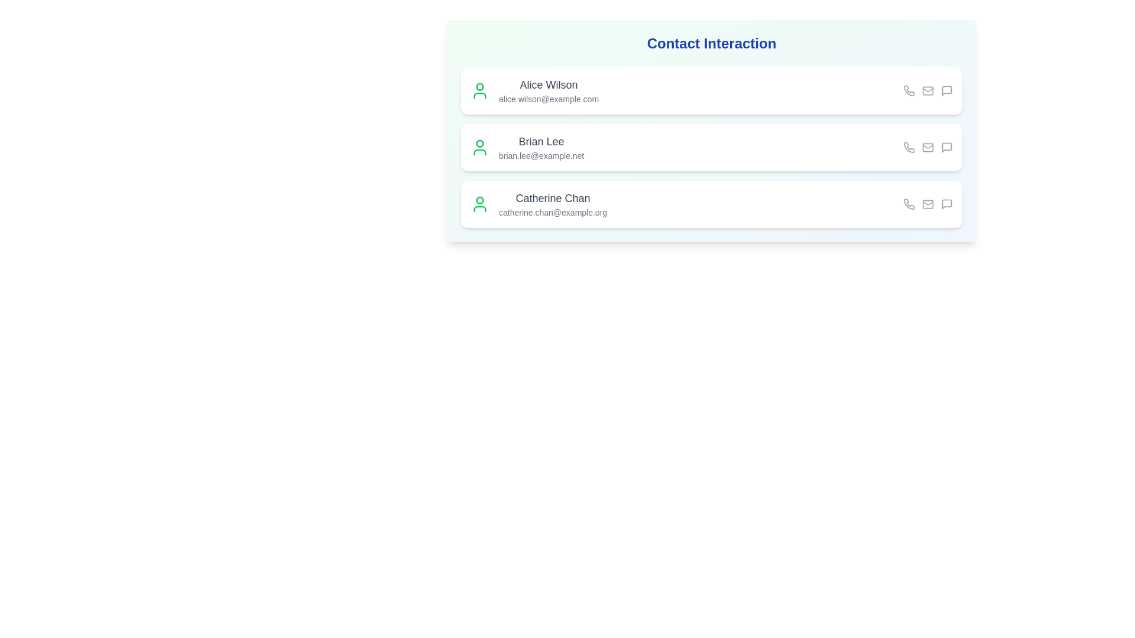  Describe the element at coordinates (479, 147) in the screenshot. I see `the user icon for the contact Brian Lee` at that location.